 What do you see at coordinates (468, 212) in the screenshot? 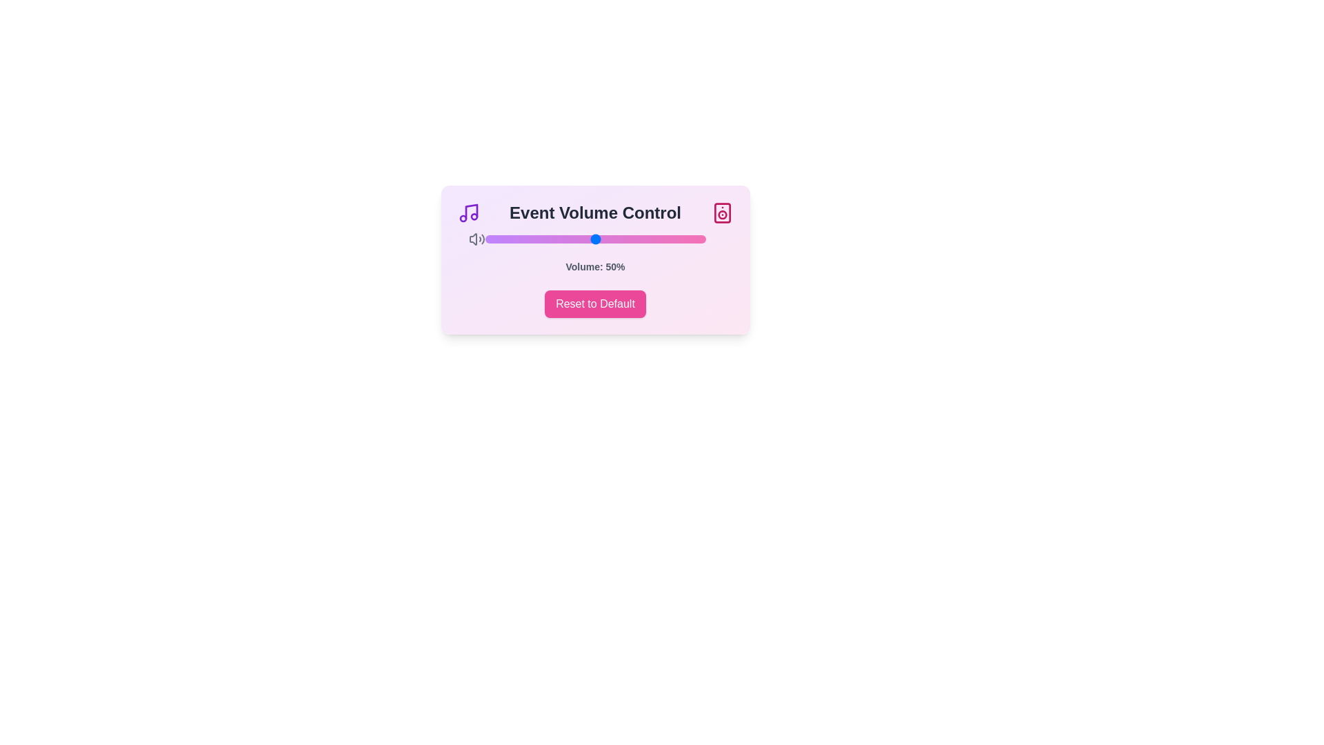
I see `the music icon to inspect its behavior` at bounding box center [468, 212].